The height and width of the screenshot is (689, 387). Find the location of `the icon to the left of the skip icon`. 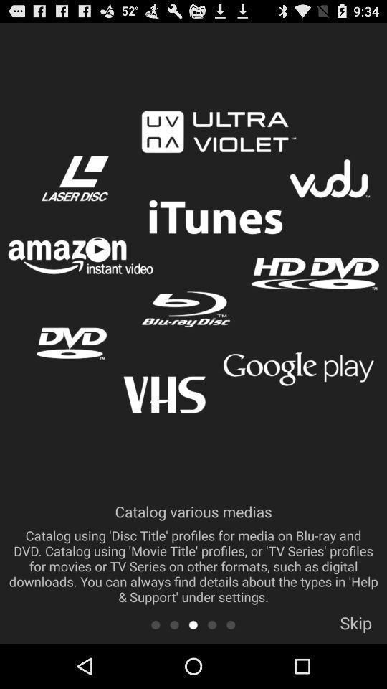

the icon to the left of the skip icon is located at coordinates (231, 624).